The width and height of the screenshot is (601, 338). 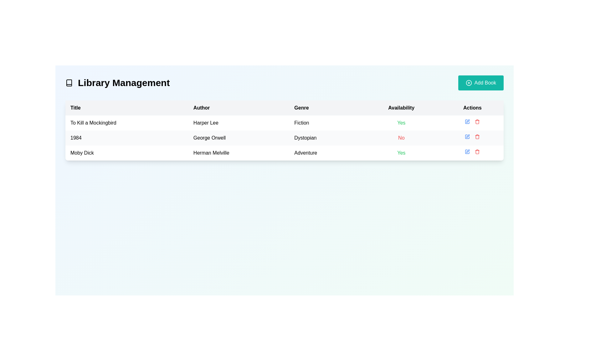 I want to click on the text label indicating the unavailability status of an item in the second row of the 'Availability' column in the table, so click(x=401, y=137).